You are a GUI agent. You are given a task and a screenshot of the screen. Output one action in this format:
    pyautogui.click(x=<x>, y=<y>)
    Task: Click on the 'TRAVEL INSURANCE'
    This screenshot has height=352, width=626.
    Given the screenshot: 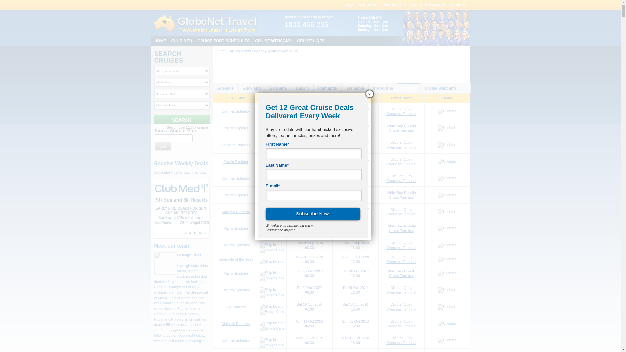 What is the action you would take?
    pyautogui.click(x=427, y=5)
    